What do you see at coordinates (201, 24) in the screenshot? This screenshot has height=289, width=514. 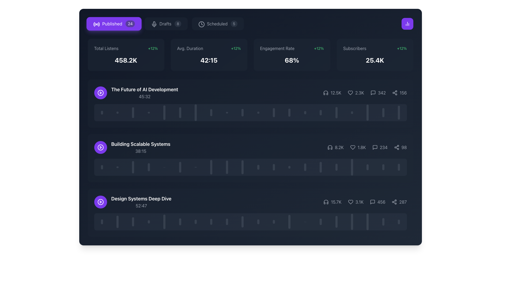 I see `the 'Scheduled' section icon located on the top navigation bar` at bounding box center [201, 24].